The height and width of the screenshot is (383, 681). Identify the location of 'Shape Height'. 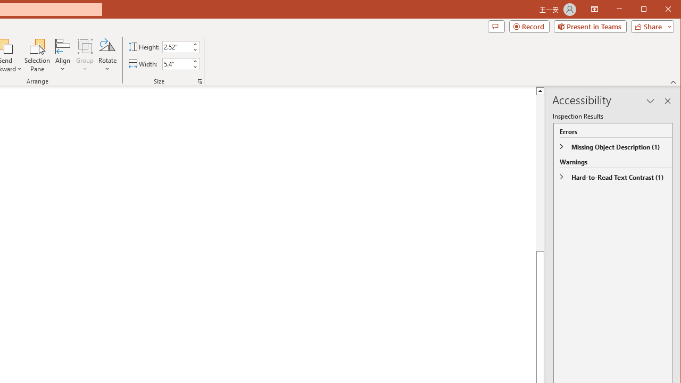
(177, 46).